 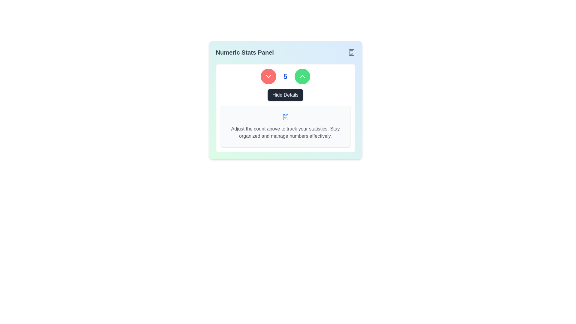 What do you see at coordinates (302, 76) in the screenshot?
I see `the last interactive button in the group of three components to increment the numeric value displayed in the center of the panel` at bounding box center [302, 76].